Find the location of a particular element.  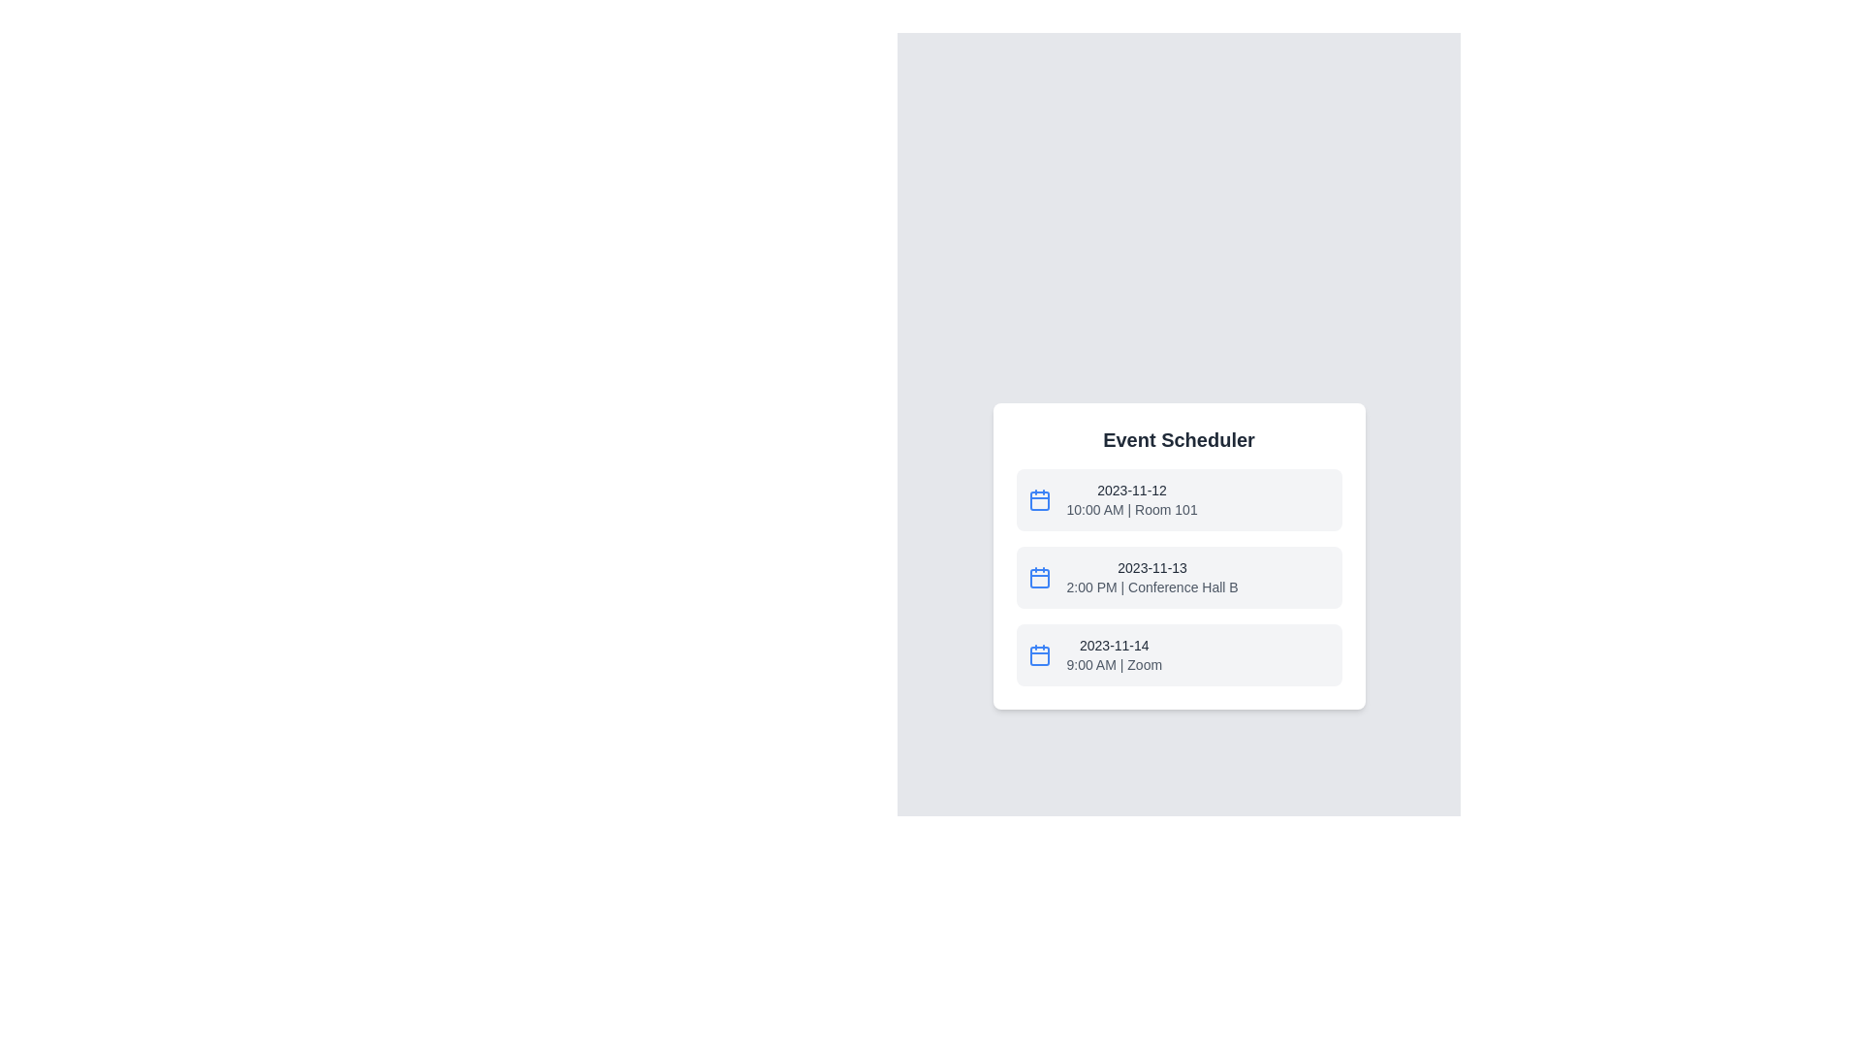

text content of the label displaying the date '2023-11-12' located in the first event entry of the 'Event Scheduler' section is located at coordinates (1132, 489).